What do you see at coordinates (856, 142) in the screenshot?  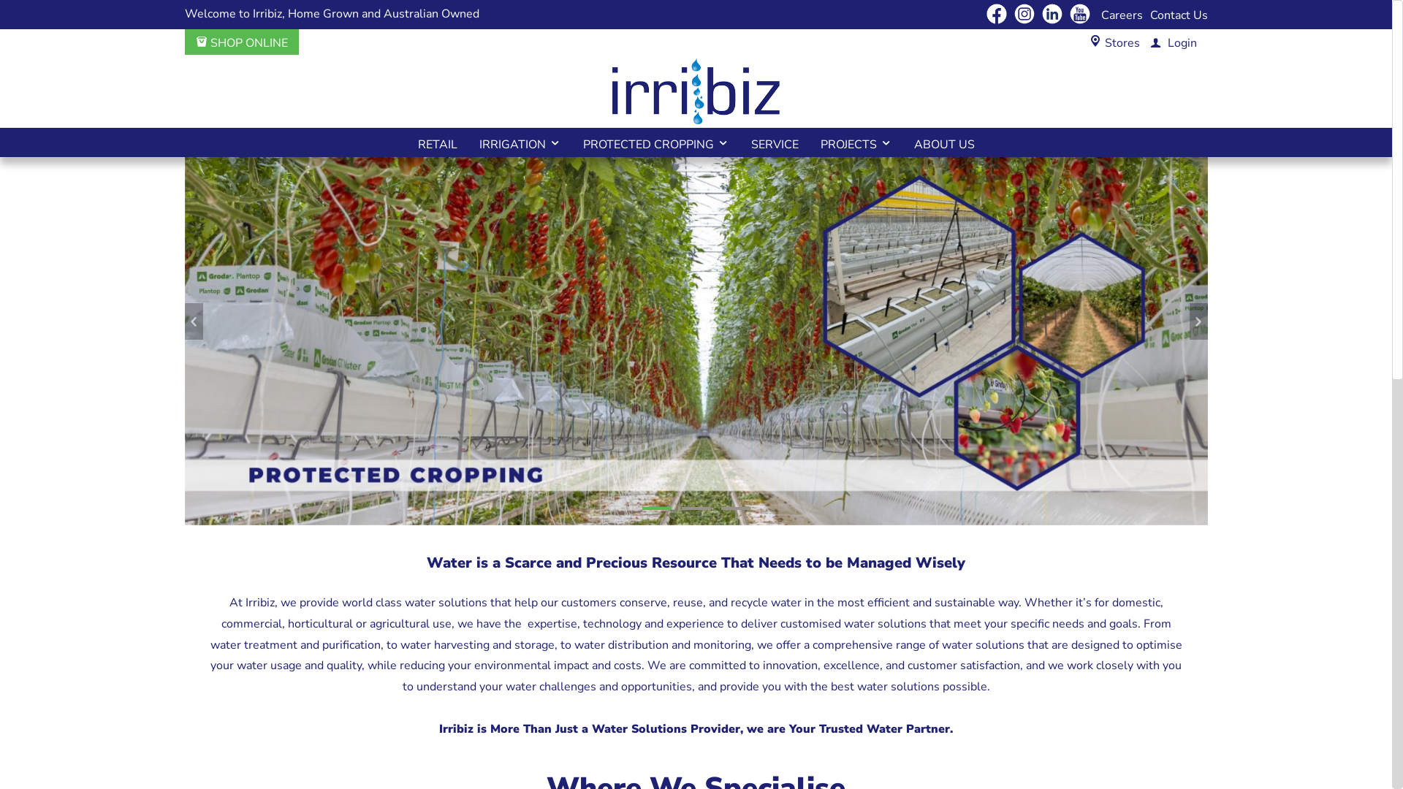 I see `'PROJECTS'` at bounding box center [856, 142].